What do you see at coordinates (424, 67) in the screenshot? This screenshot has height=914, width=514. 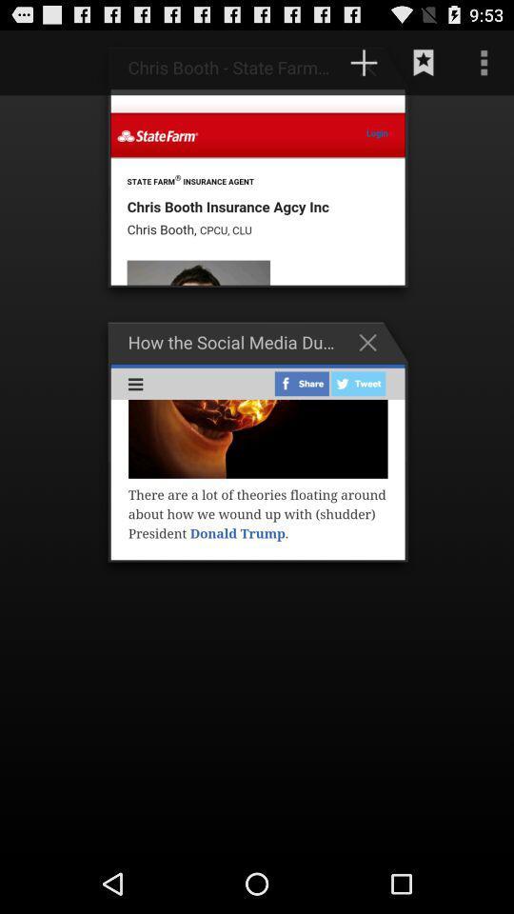 I see `the bookmark icon` at bounding box center [424, 67].